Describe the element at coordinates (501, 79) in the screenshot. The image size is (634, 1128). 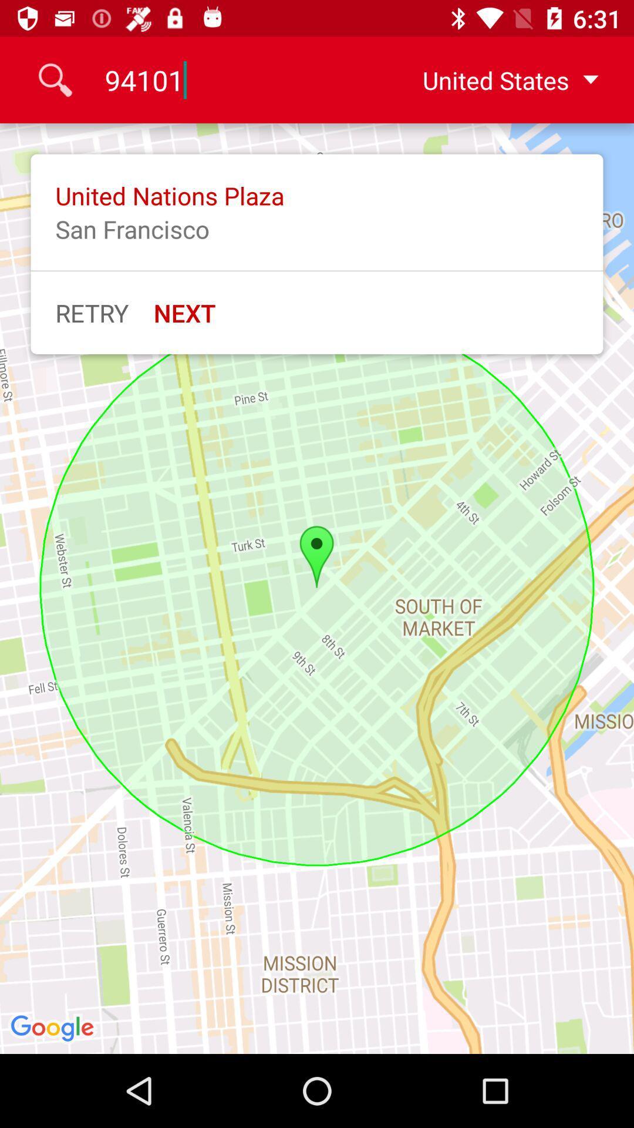
I see `united states icon` at that location.